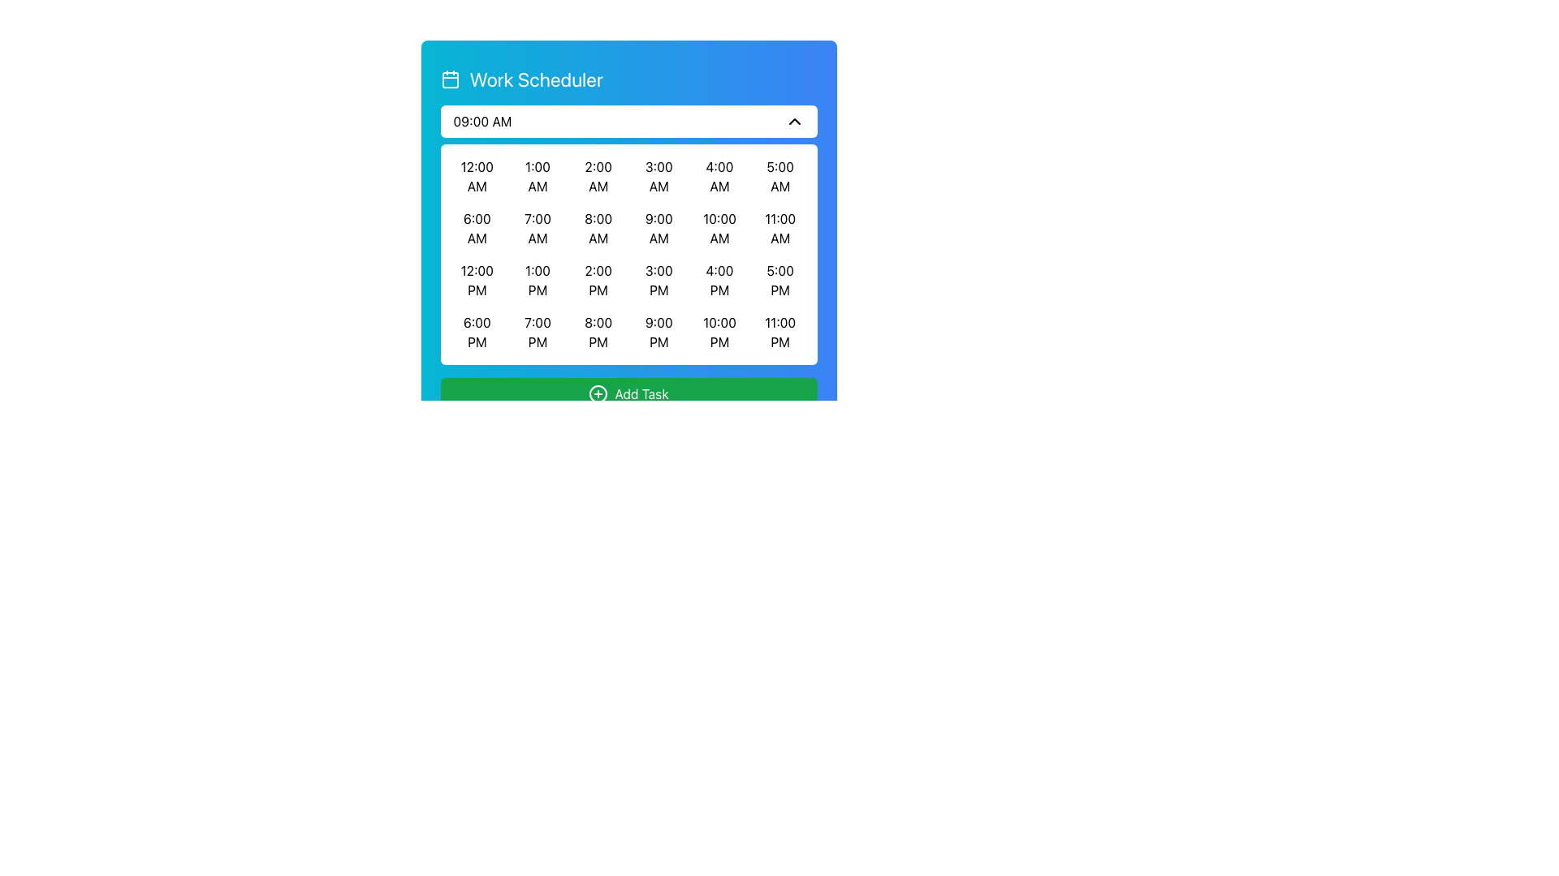 Image resolution: width=1559 pixels, height=876 pixels. What do you see at coordinates (659, 177) in the screenshot?
I see `the button displaying '3:00 AM'` at bounding box center [659, 177].